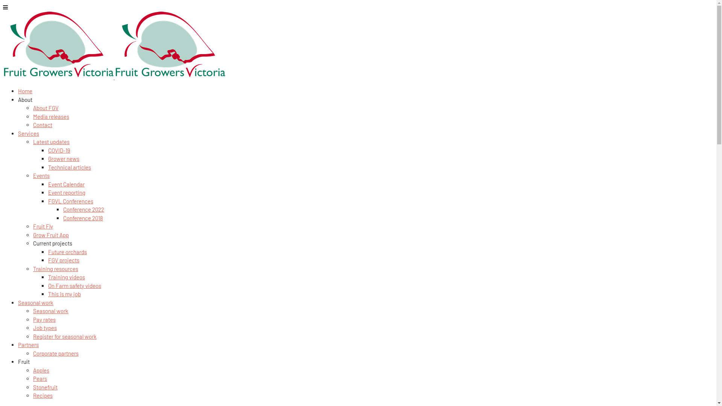 The height and width of the screenshot is (406, 722). I want to click on 'Conference 2018', so click(83, 217).